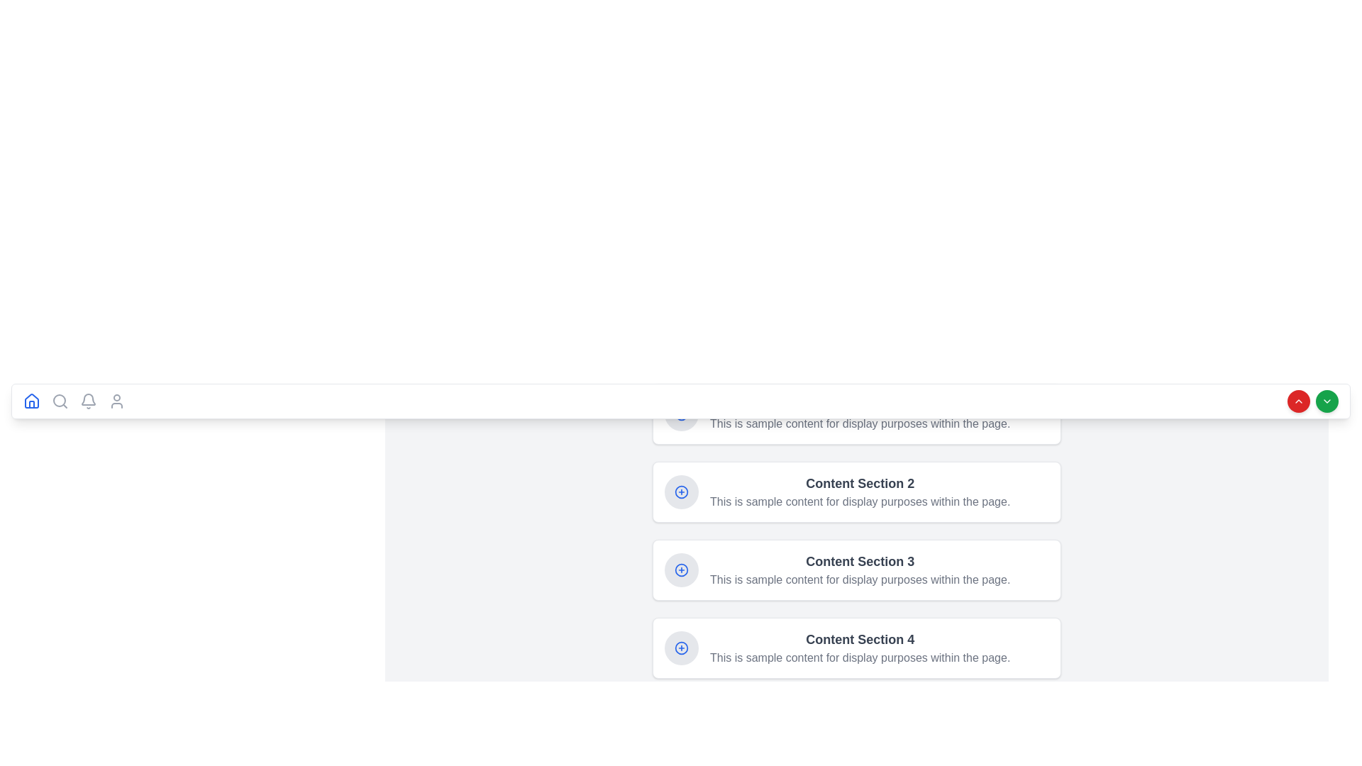 The height and width of the screenshot is (766, 1362). What do you see at coordinates (859, 483) in the screenshot?
I see `the text header 'Content Section 2' which is prominently displayed in bold gray color above a smaller text description in the second card-like section` at bounding box center [859, 483].